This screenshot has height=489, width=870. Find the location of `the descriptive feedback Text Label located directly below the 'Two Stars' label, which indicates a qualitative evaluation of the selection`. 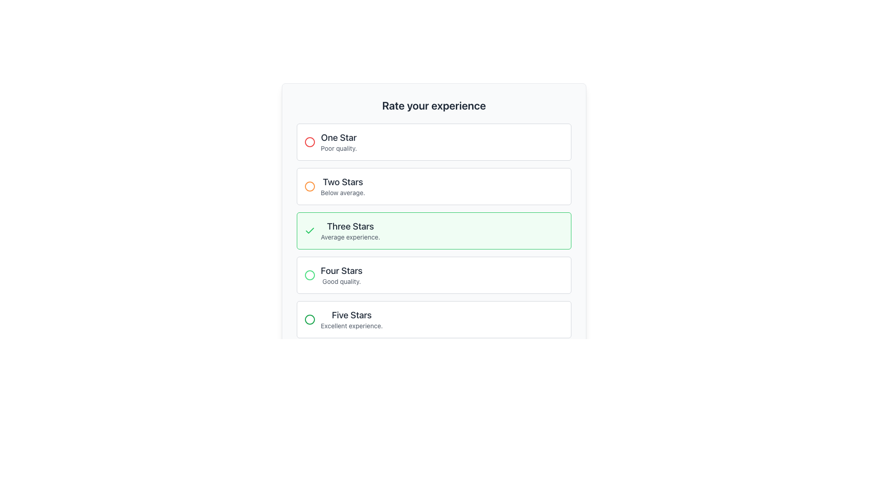

the descriptive feedback Text Label located directly below the 'Two Stars' label, which indicates a qualitative evaluation of the selection is located at coordinates (343, 192).